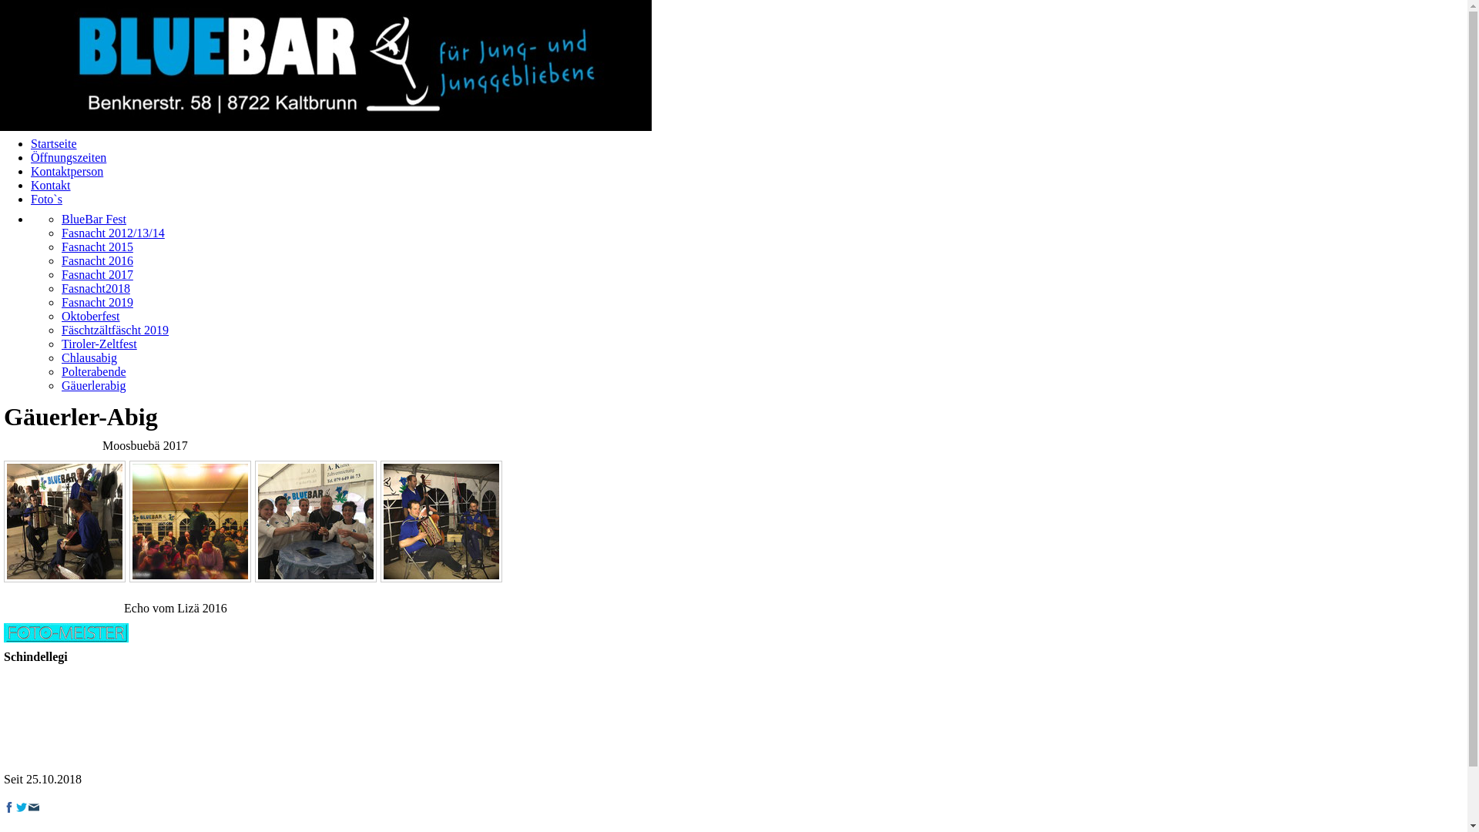  What do you see at coordinates (88, 357) in the screenshot?
I see `'Chlausabig'` at bounding box center [88, 357].